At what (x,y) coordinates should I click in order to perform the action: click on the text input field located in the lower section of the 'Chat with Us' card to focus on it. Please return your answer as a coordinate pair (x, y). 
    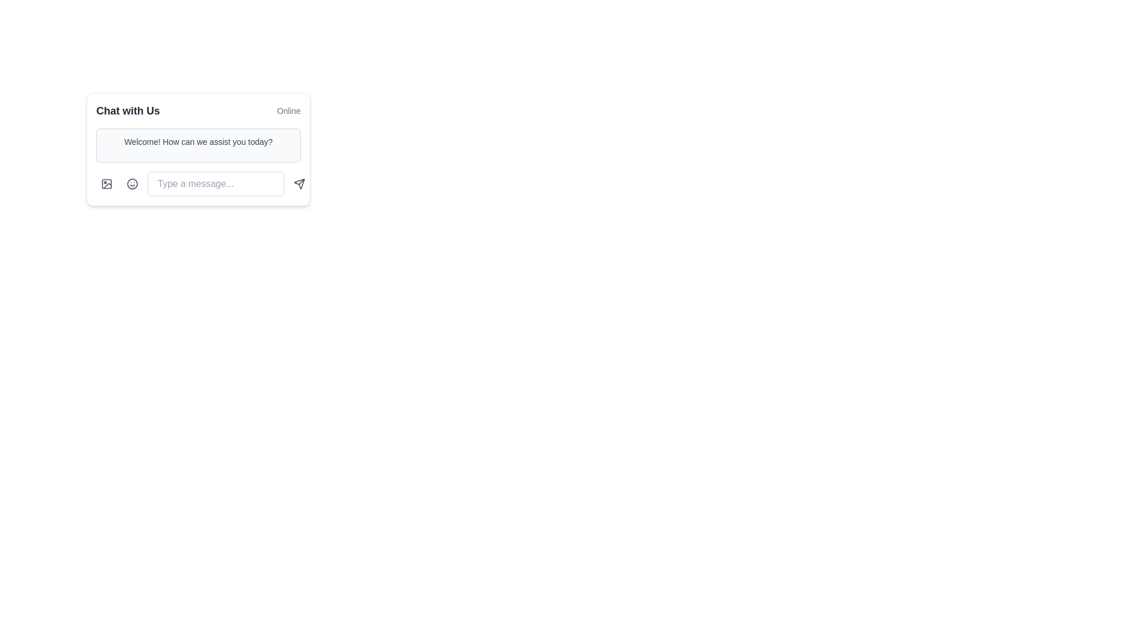
    Looking at the image, I should click on (199, 184).